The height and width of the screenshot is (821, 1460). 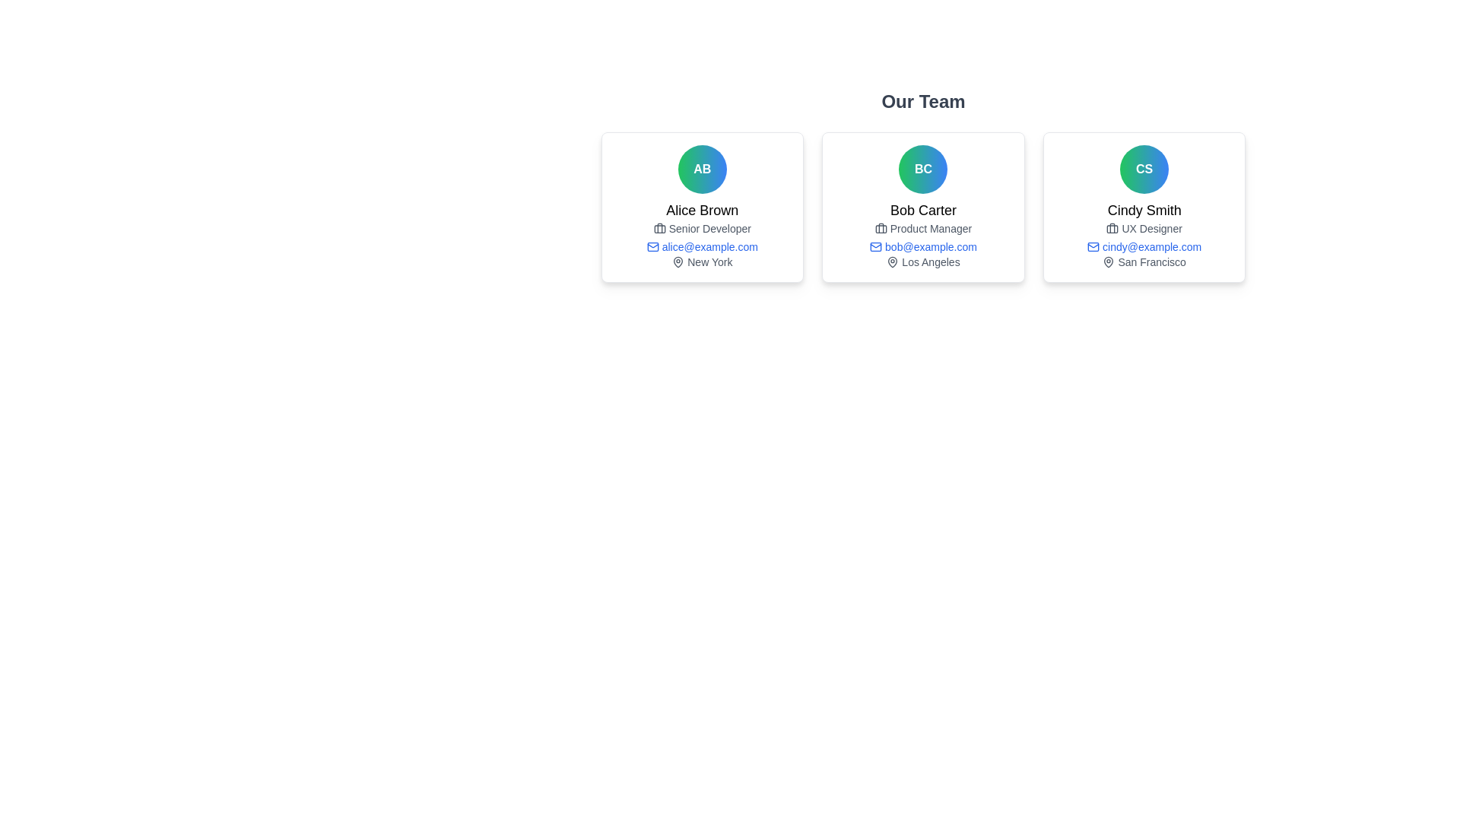 What do you see at coordinates (701, 228) in the screenshot?
I see `the 'Senior Developer' label which is located below Alice Brown's name and above the email address in the left card of a three-card layout` at bounding box center [701, 228].